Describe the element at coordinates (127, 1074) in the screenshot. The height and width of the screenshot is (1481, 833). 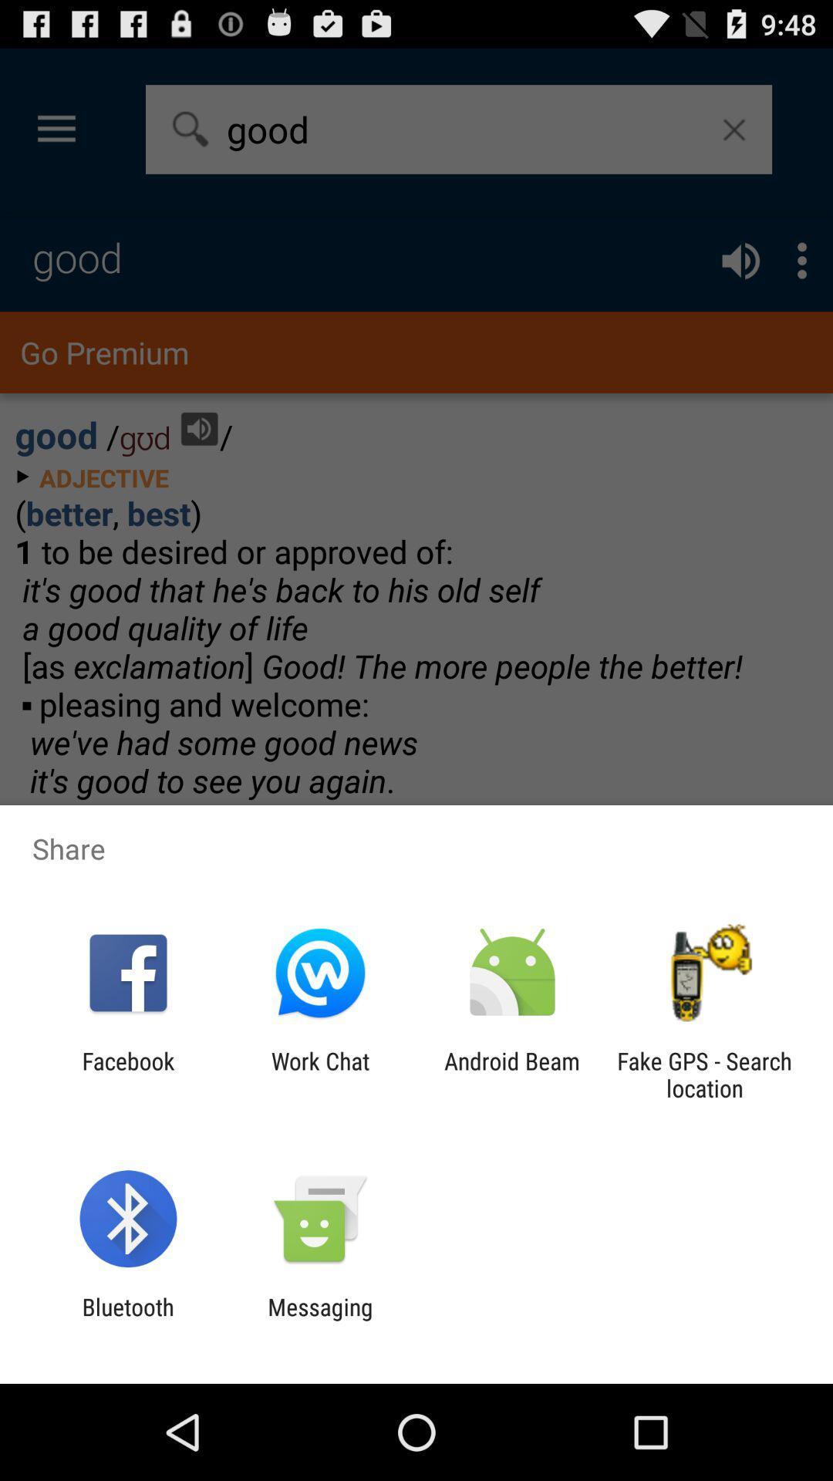
I see `the app to the left of work chat icon` at that location.